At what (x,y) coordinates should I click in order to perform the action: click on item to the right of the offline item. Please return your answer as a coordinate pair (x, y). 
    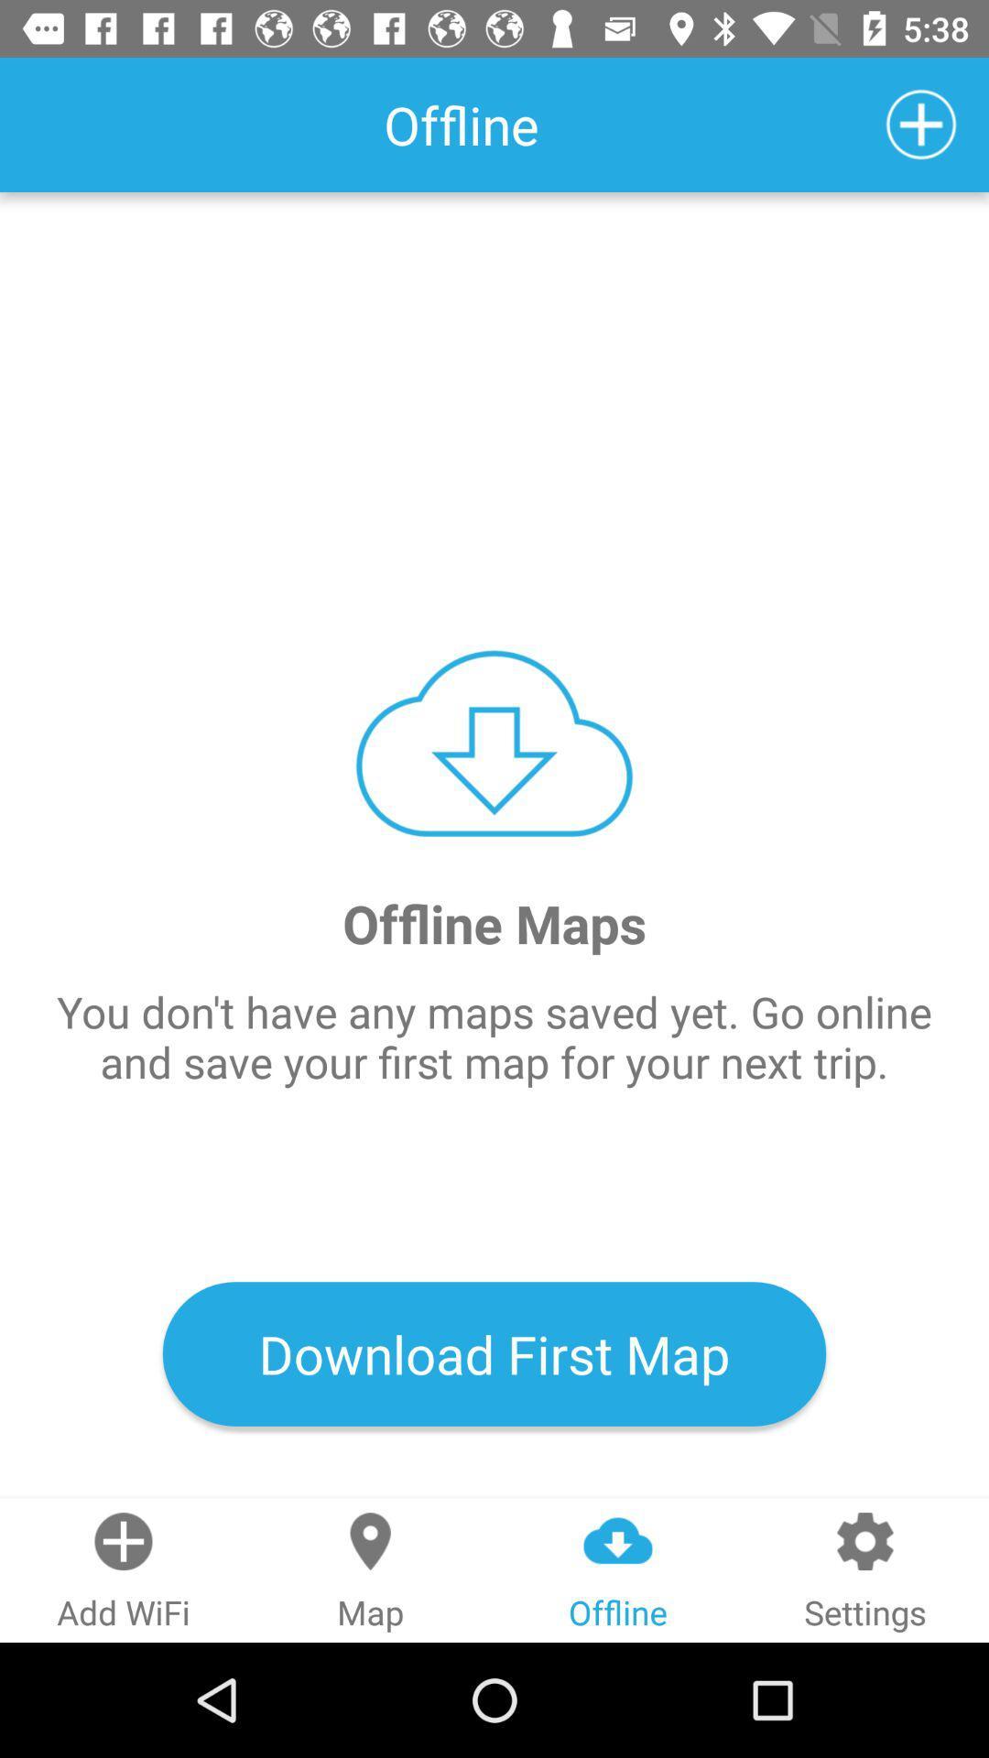
    Looking at the image, I should click on (921, 124).